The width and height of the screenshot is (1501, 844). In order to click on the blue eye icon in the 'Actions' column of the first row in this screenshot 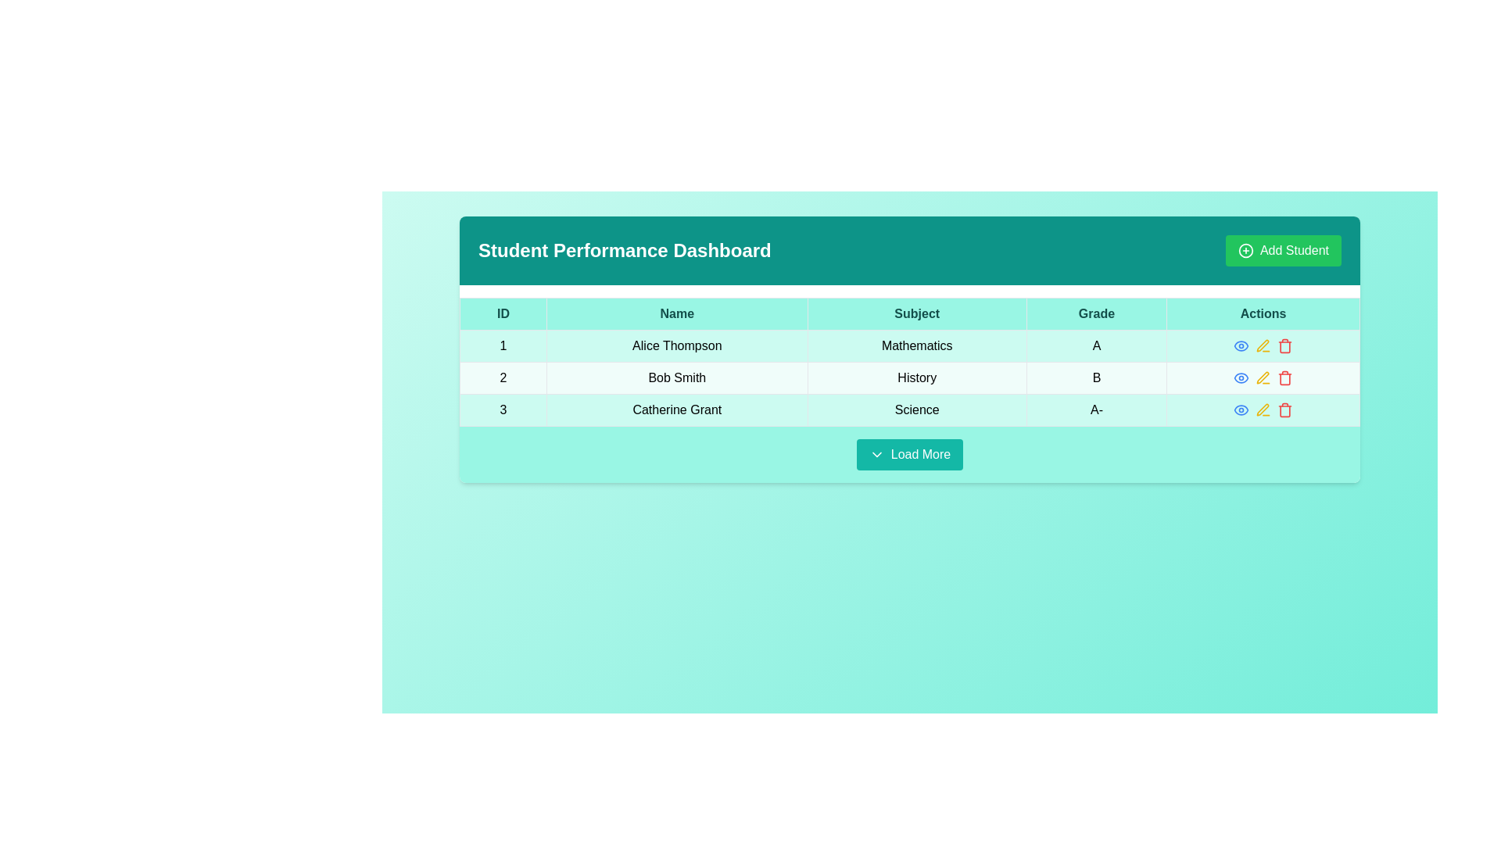, I will do `click(1241, 345)`.